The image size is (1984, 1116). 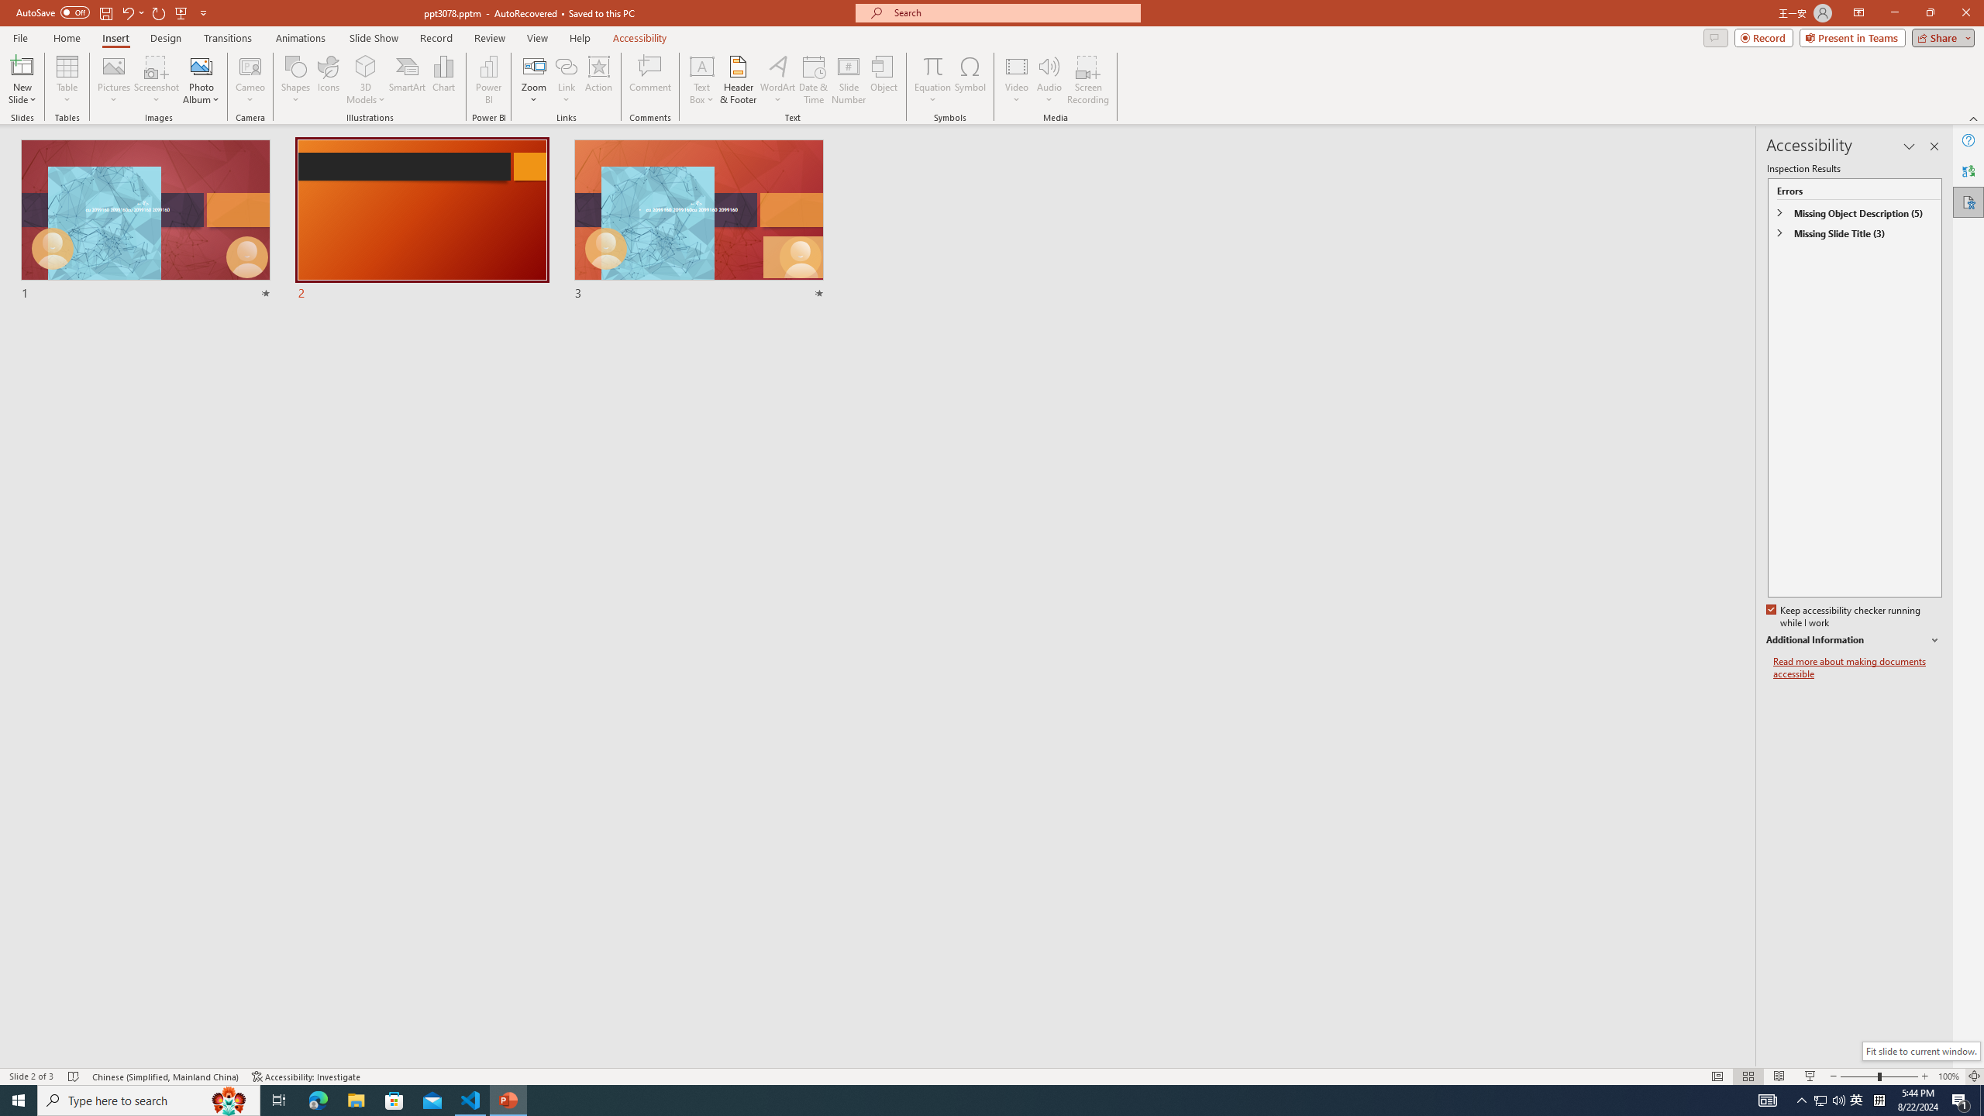 I want to click on 'Symbol...', so click(x=970, y=80).